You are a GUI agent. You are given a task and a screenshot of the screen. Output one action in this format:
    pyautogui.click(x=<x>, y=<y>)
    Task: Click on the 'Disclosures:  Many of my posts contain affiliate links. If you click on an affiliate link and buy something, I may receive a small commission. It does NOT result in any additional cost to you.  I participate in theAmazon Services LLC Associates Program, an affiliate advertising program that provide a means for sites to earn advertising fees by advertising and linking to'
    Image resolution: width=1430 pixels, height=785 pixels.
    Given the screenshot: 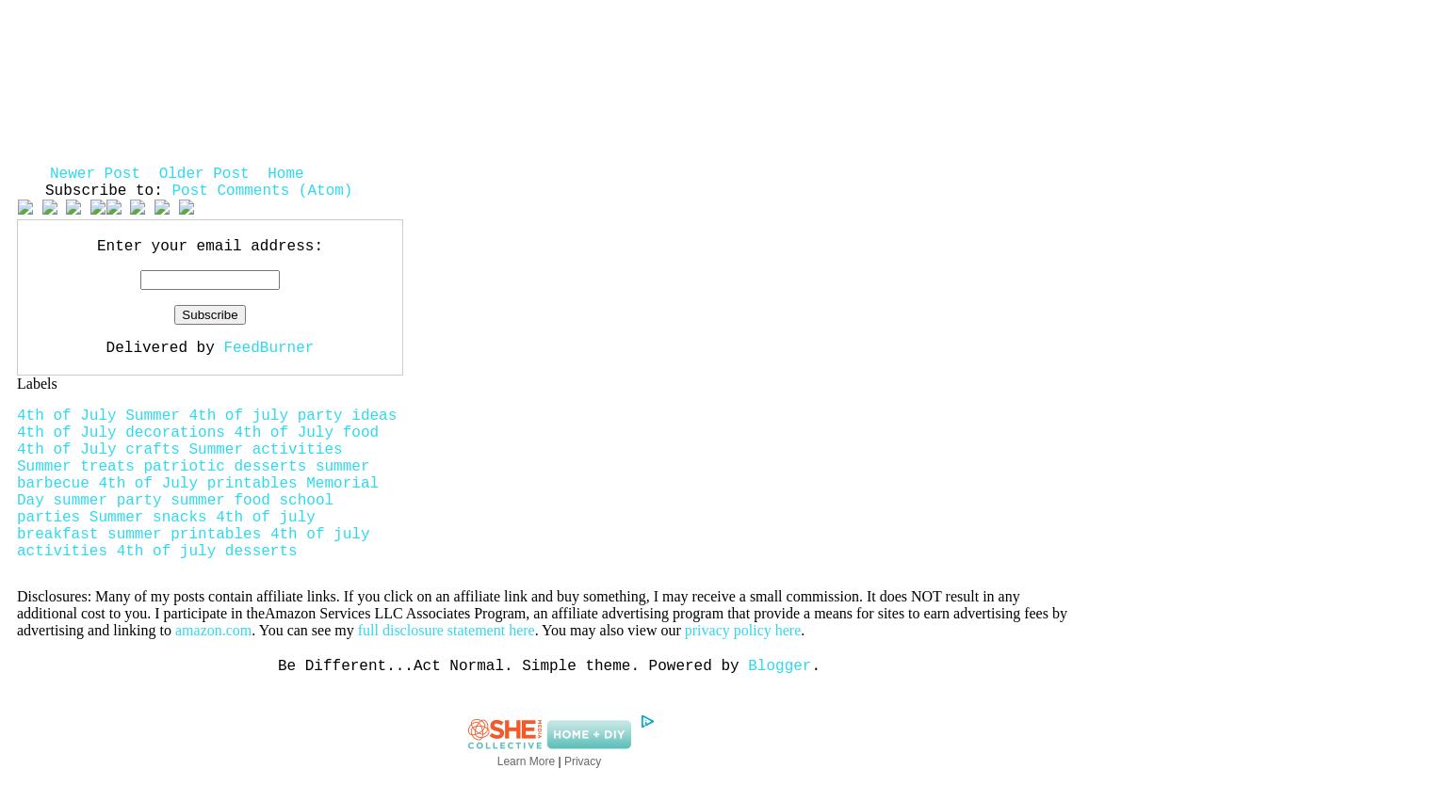 What is the action you would take?
    pyautogui.click(x=16, y=612)
    